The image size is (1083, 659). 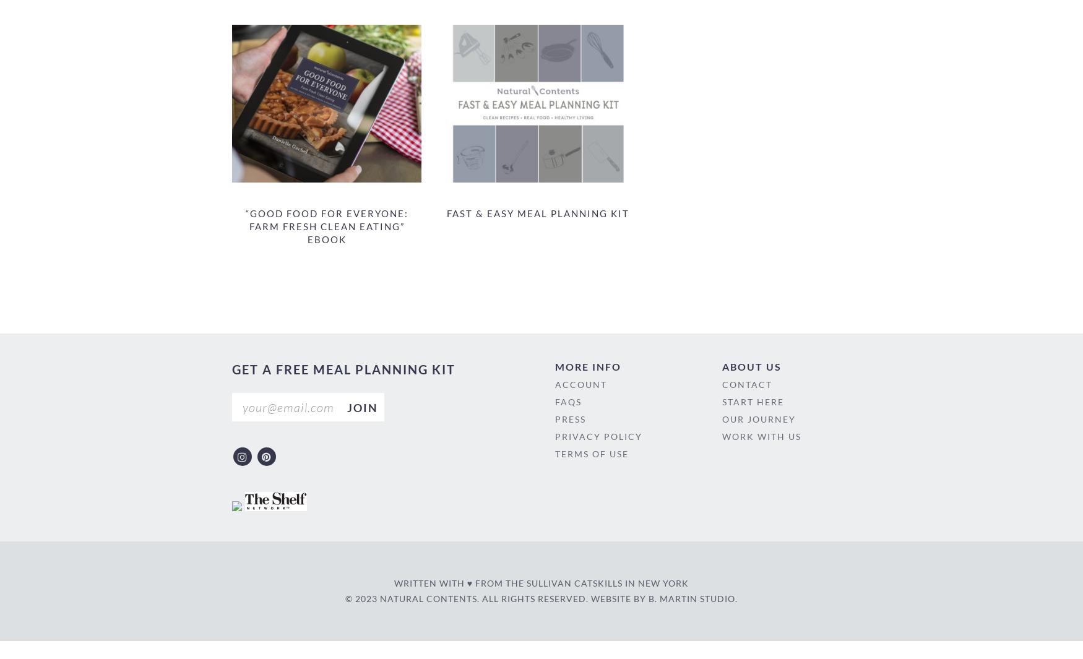 What do you see at coordinates (343, 368) in the screenshot?
I see `'get a free meal planning kit'` at bounding box center [343, 368].